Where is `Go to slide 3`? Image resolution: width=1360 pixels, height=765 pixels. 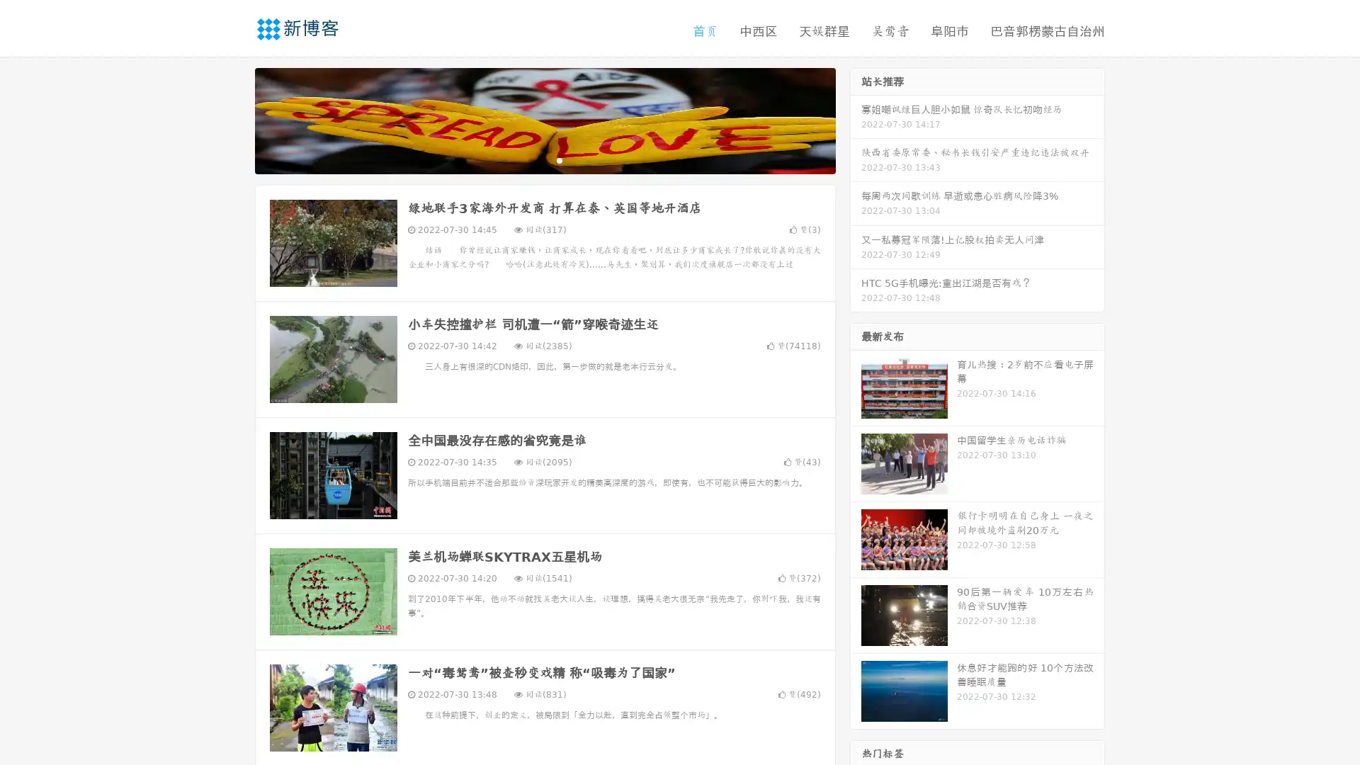
Go to slide 3 is located at coordinates (559, 159).